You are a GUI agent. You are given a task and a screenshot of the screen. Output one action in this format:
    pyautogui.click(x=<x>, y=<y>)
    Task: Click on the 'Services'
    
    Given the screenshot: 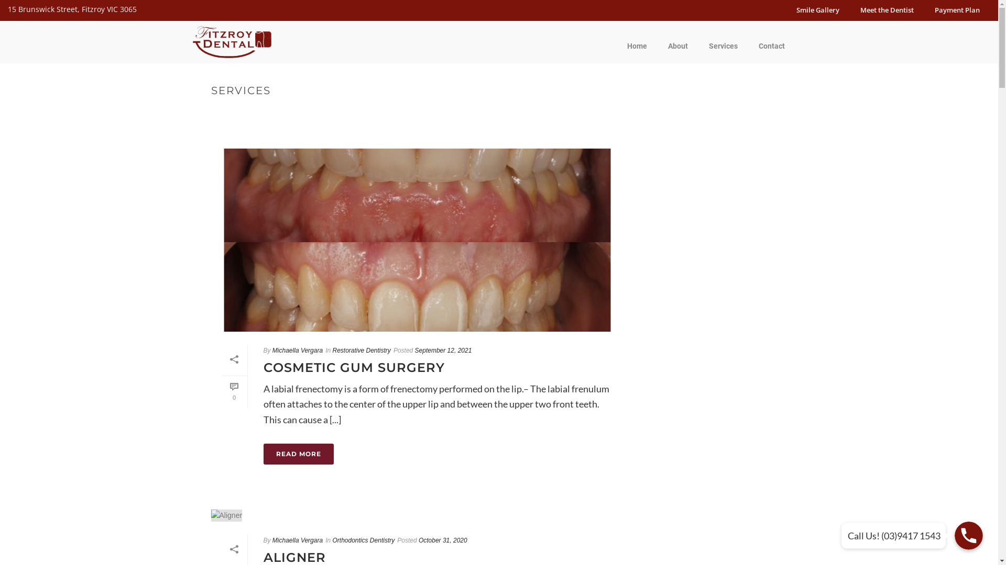 What is the action you would take?
    pyautogui.click(x=722, y=46)
    